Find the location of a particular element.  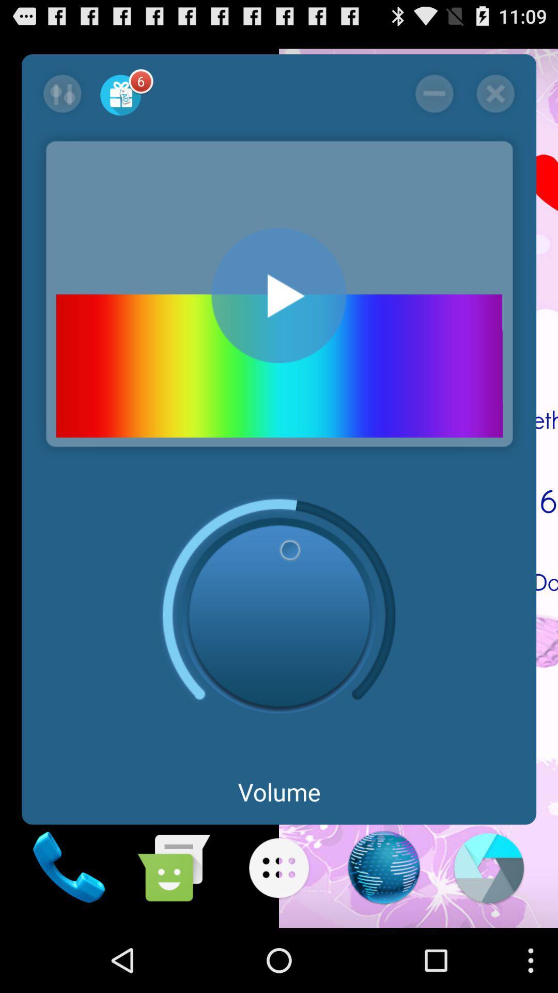

the minus icon is located at coordinates (434, 100).